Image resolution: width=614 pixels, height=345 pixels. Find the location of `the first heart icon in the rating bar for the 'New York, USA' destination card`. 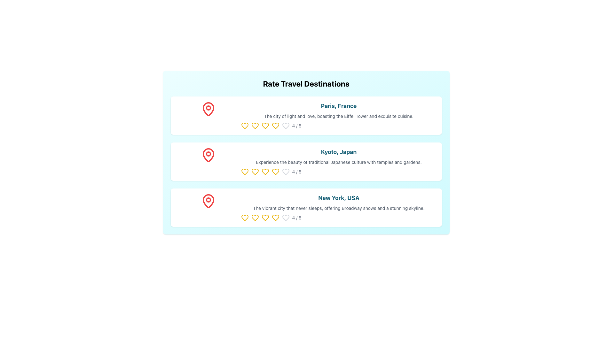

the first heart icon in the rating bar for the 'New York, USA' destination card is located at coordinates (244, 218).